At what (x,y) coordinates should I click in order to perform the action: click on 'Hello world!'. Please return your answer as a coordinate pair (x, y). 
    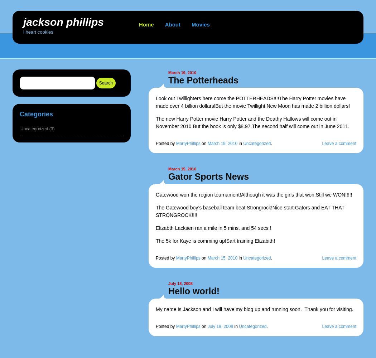
    Looking at the image, I should click on (194, 291).